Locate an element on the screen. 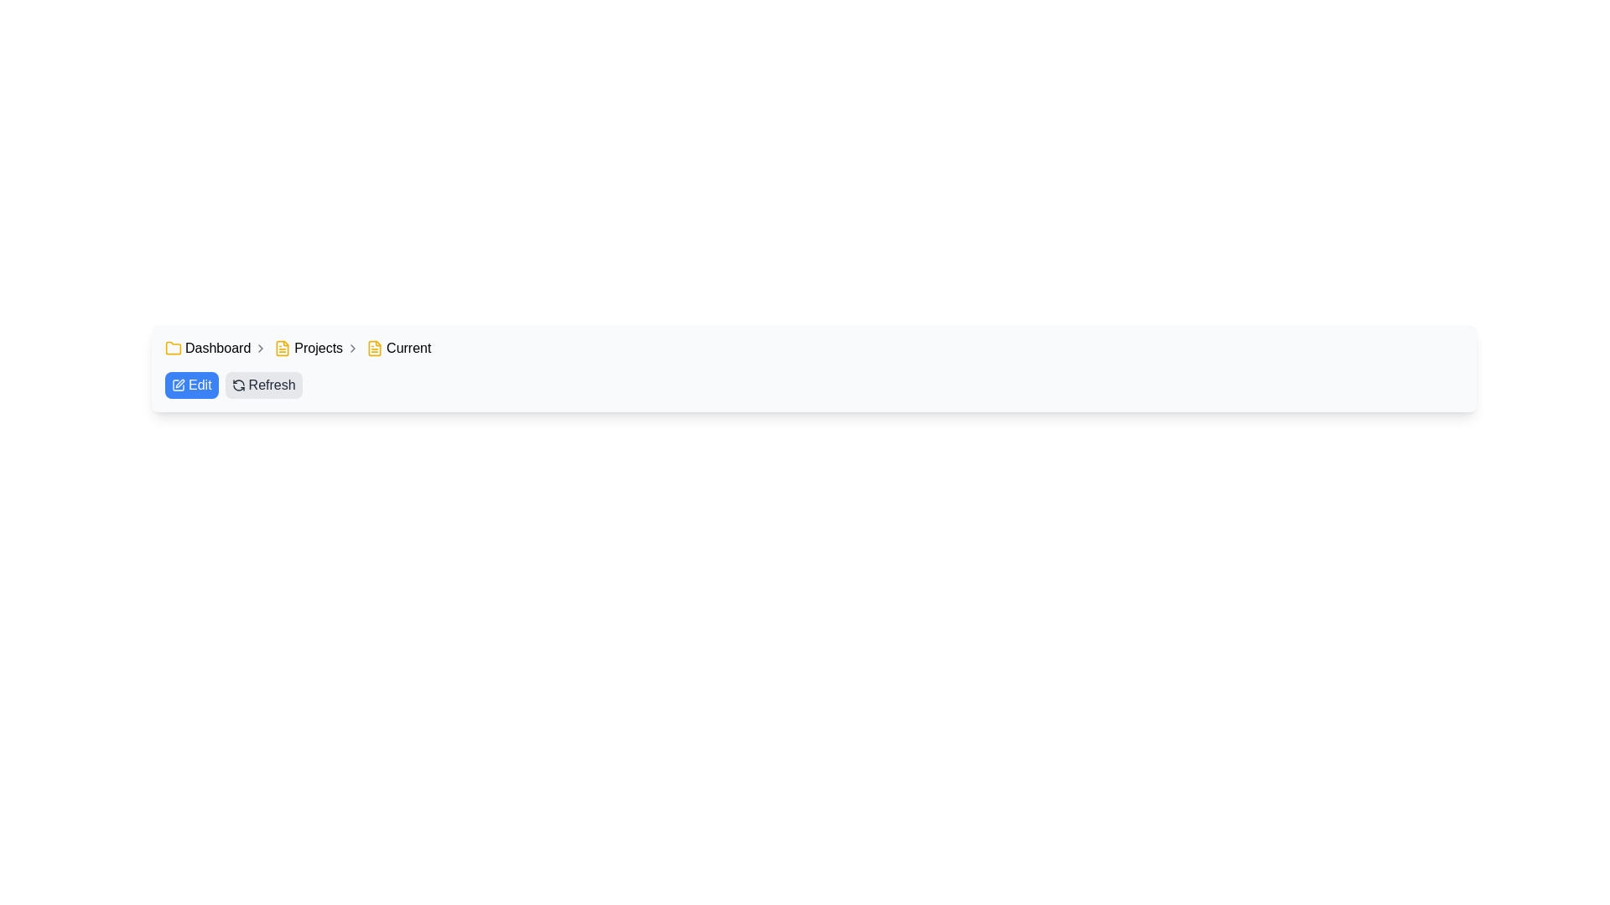  the 'Refresh' button, which is the second button in a horizontal group with a light gray background and a reload icon is located at coordinates (262, 385).